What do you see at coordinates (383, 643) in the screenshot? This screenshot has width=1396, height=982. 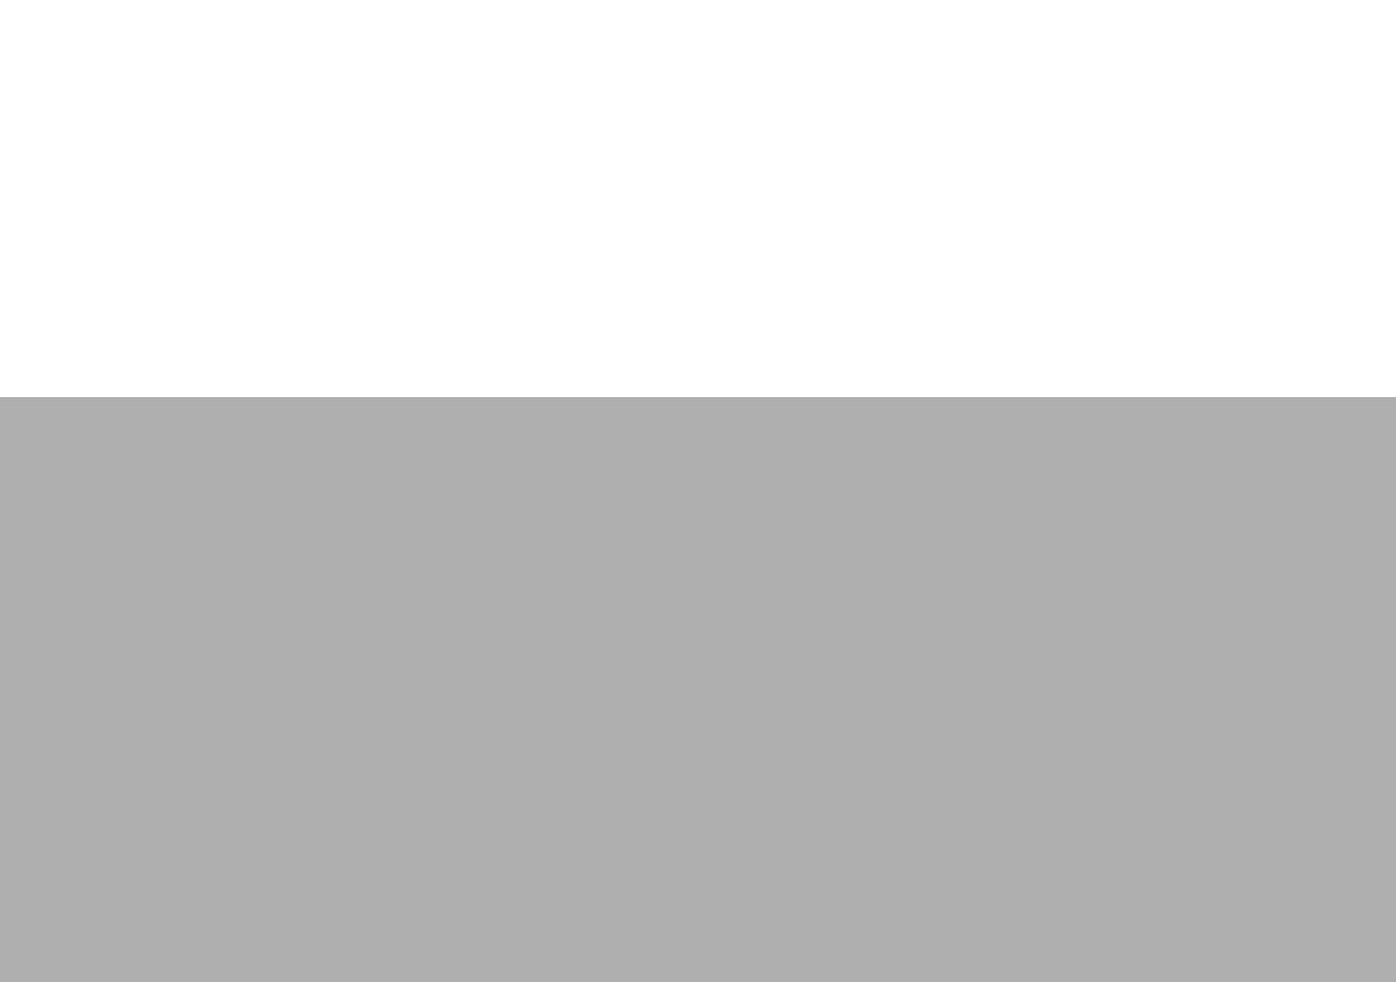 I see `'Studio Utilities'` at bounding box center [383, 643].